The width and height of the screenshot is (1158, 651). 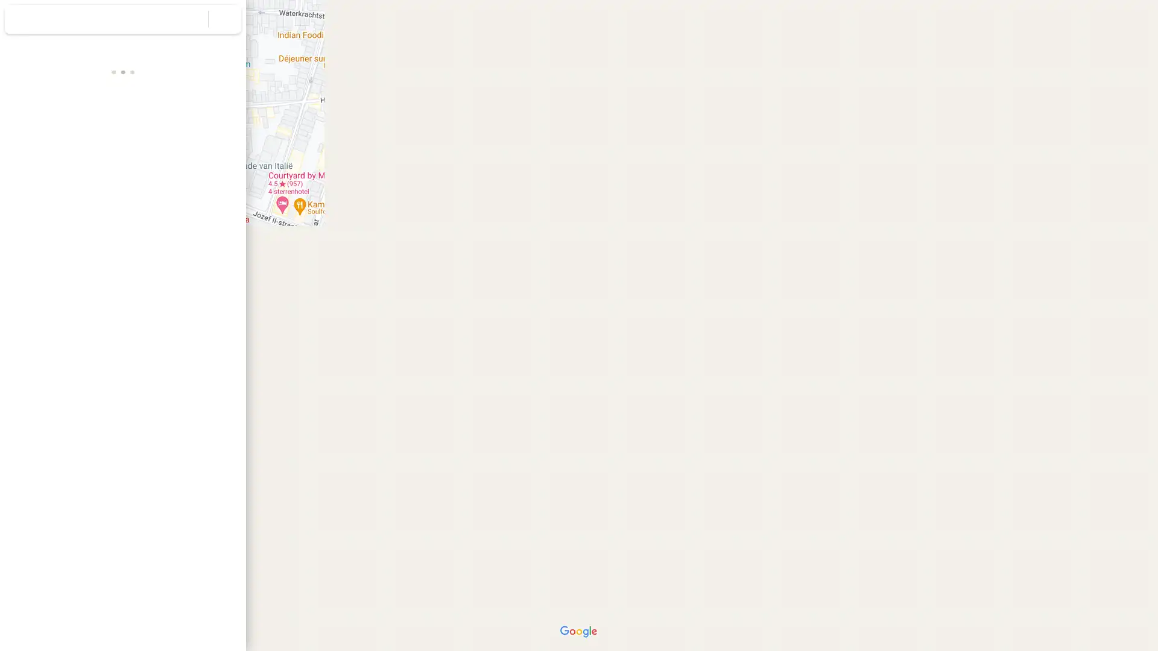 I want to click on Adres kopieren, so click(x=223, y=274).